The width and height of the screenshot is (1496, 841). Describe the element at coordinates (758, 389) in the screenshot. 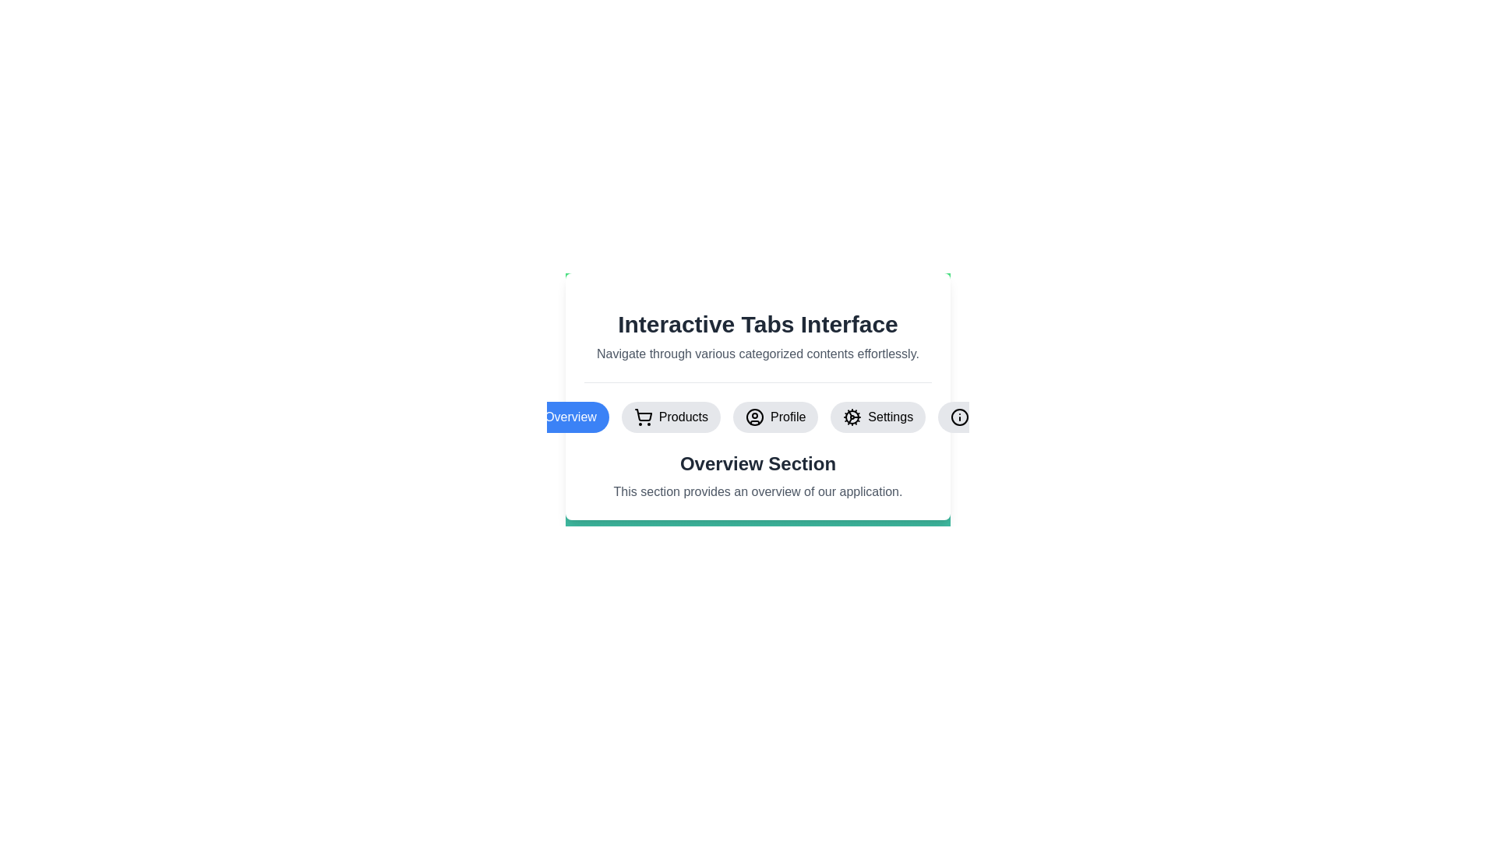

I see `the tab-like buttons in the central panel with a white background` at that location.